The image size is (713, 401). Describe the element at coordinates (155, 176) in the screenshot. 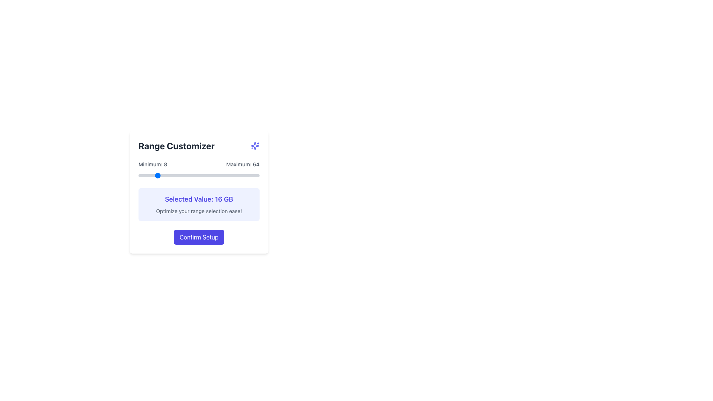

I see `the slider value` at that location.